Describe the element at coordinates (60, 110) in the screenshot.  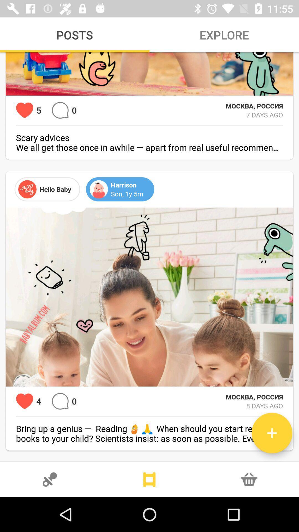
I see `leave a comment` at that location.